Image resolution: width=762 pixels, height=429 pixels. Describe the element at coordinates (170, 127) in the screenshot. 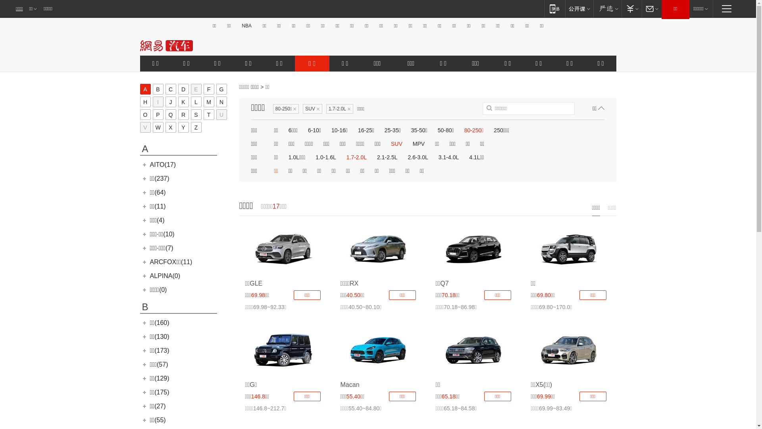

I see `'X'` at that location.